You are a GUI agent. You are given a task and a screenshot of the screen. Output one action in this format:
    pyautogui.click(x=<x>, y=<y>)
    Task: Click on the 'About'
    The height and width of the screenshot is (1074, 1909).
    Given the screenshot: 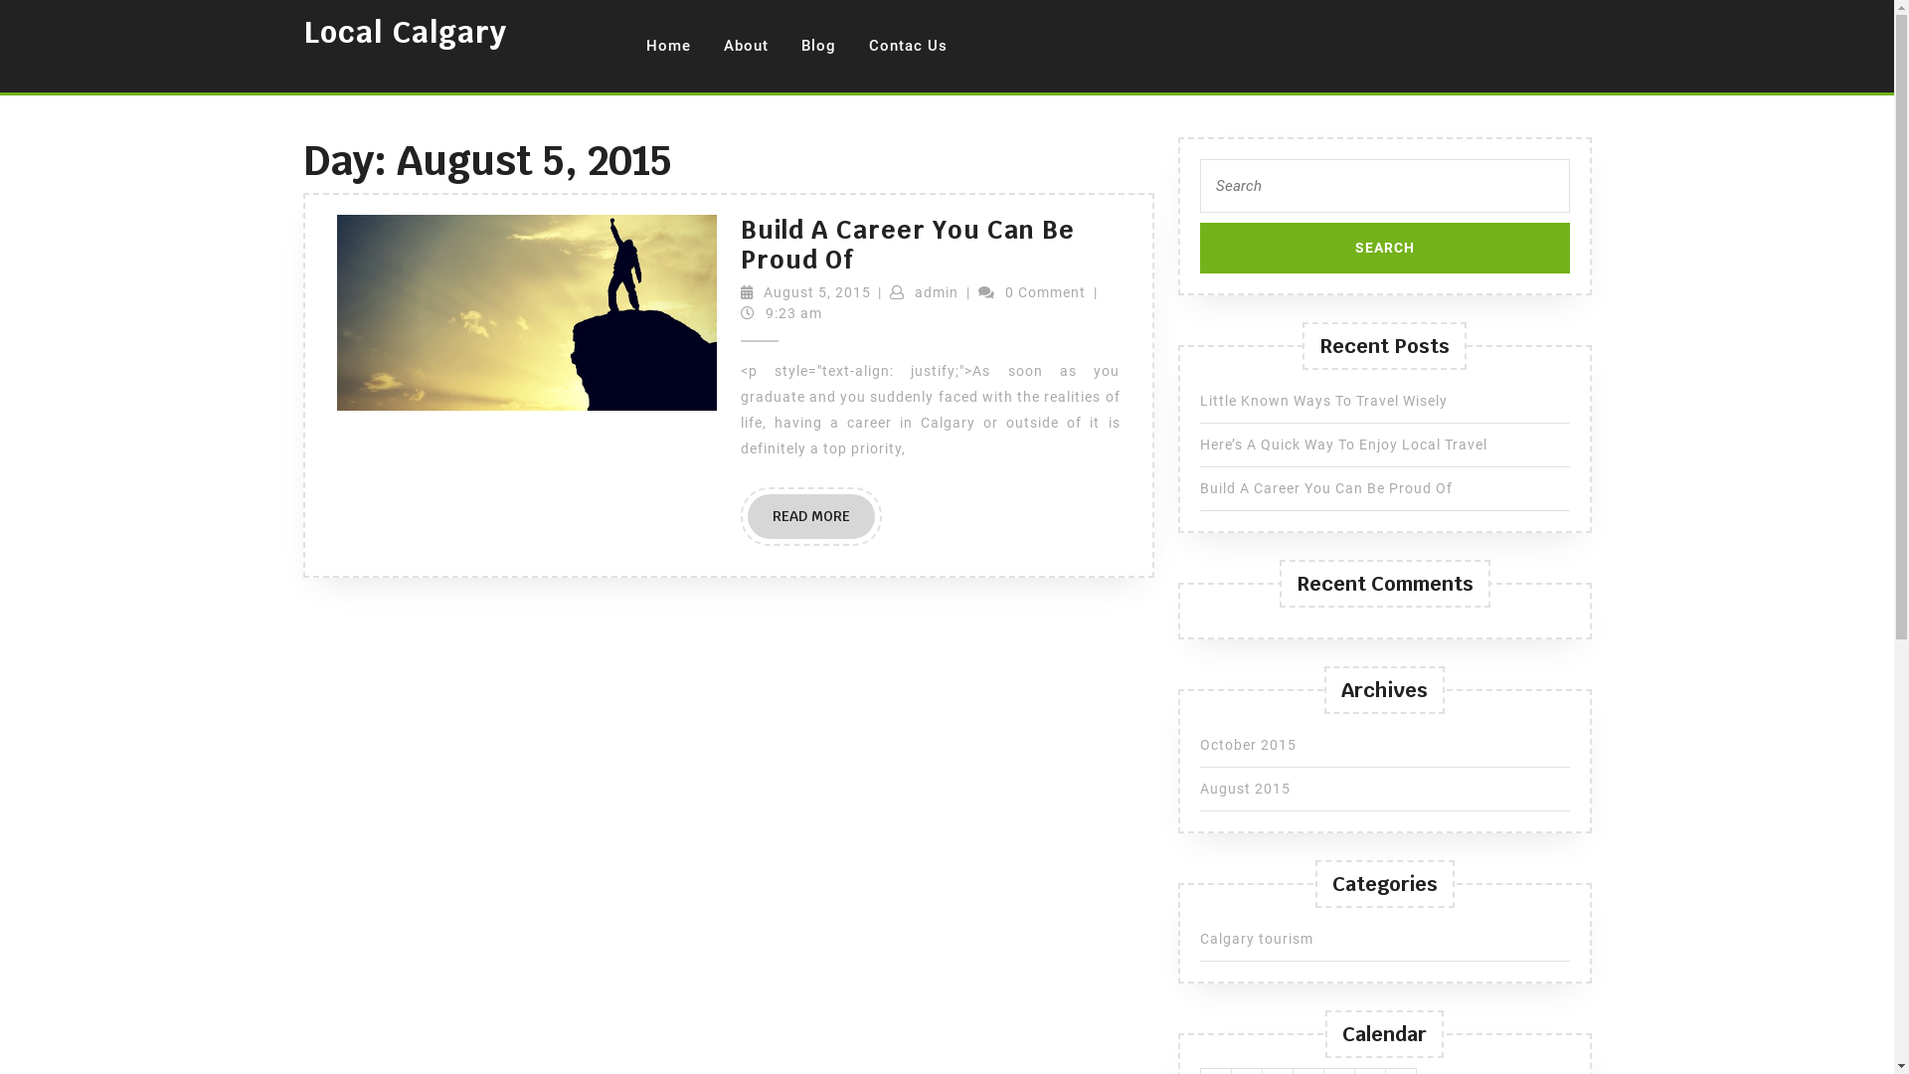 What is the action you would take?
    pyautogui.click(x=744, y=45)
    